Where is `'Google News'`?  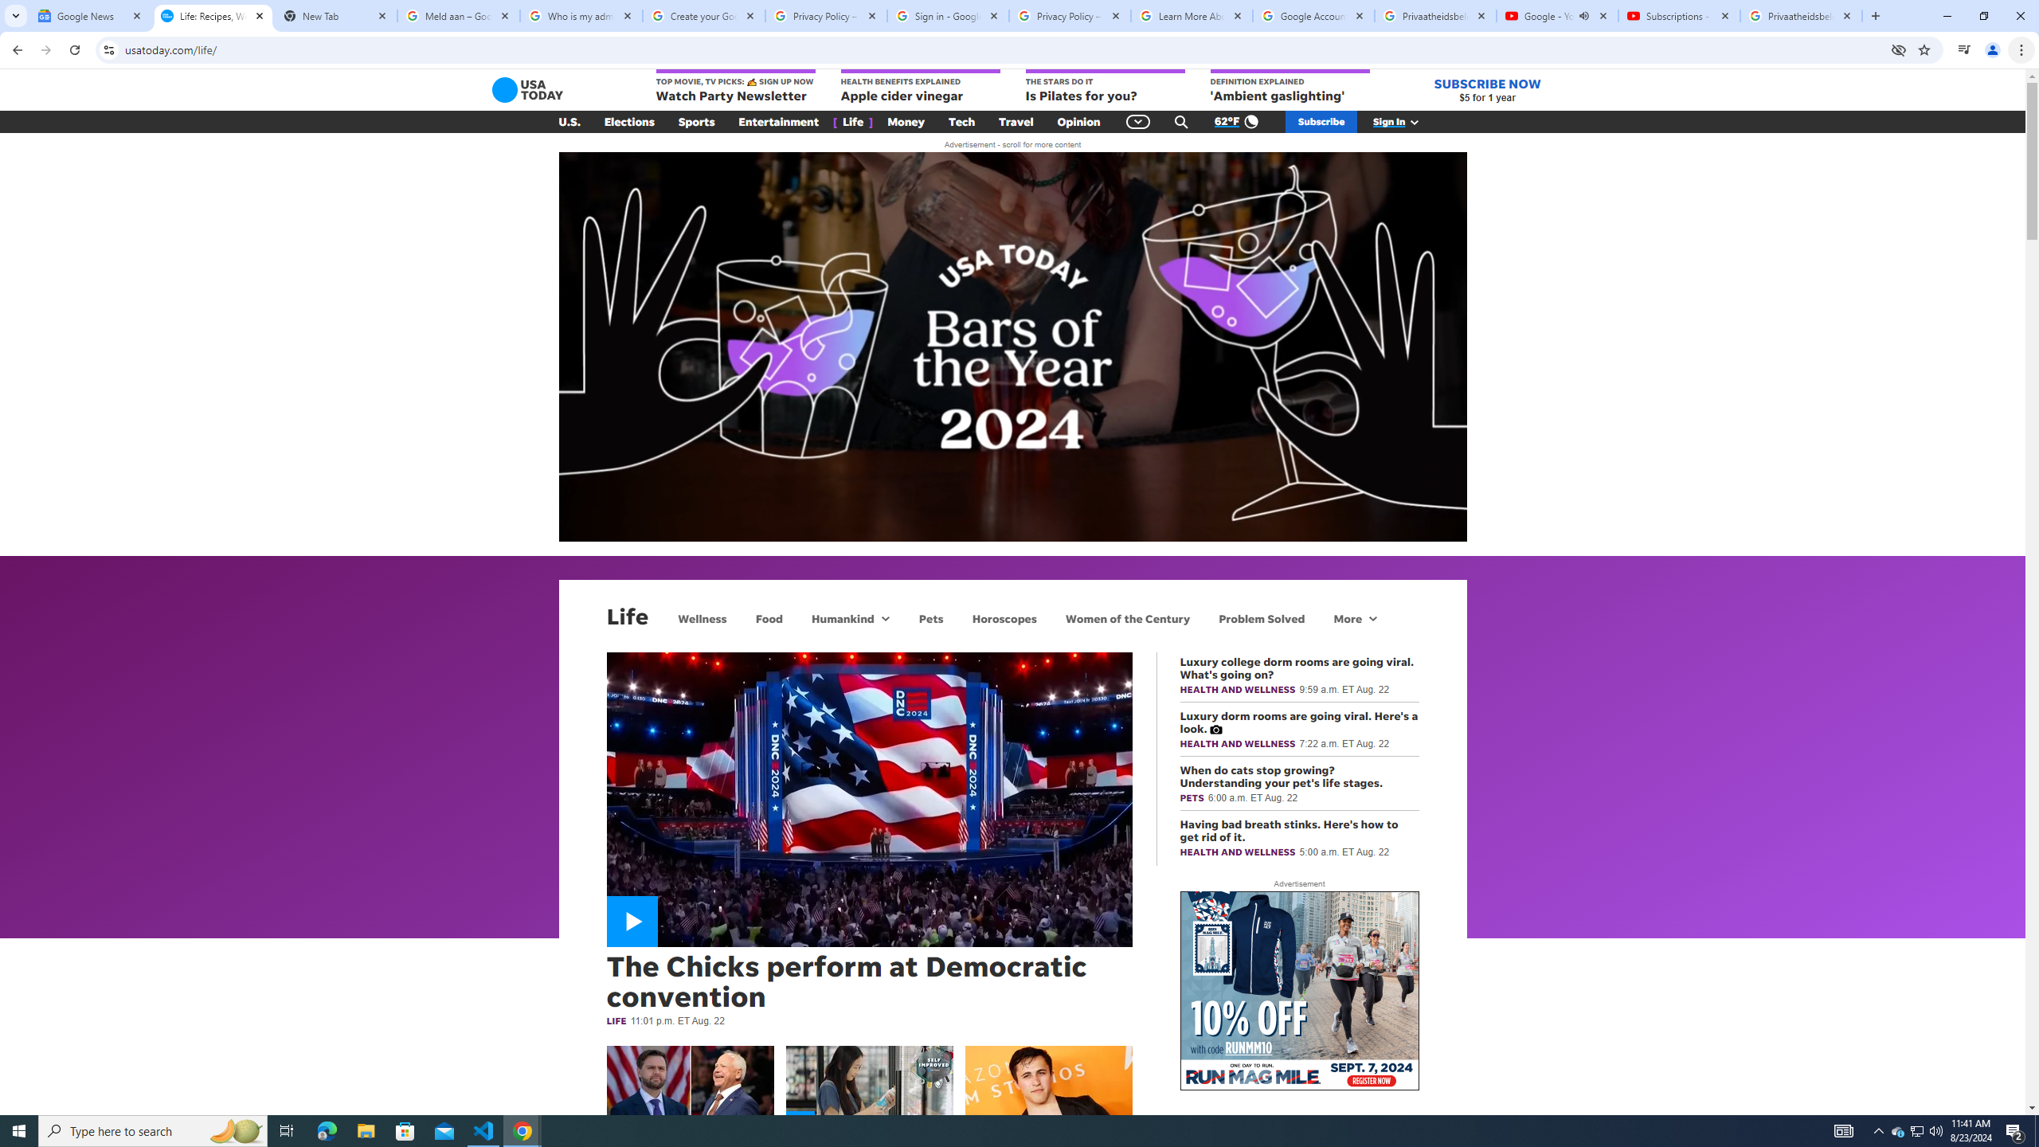
'Google News' is located at coordinates (90, 15).